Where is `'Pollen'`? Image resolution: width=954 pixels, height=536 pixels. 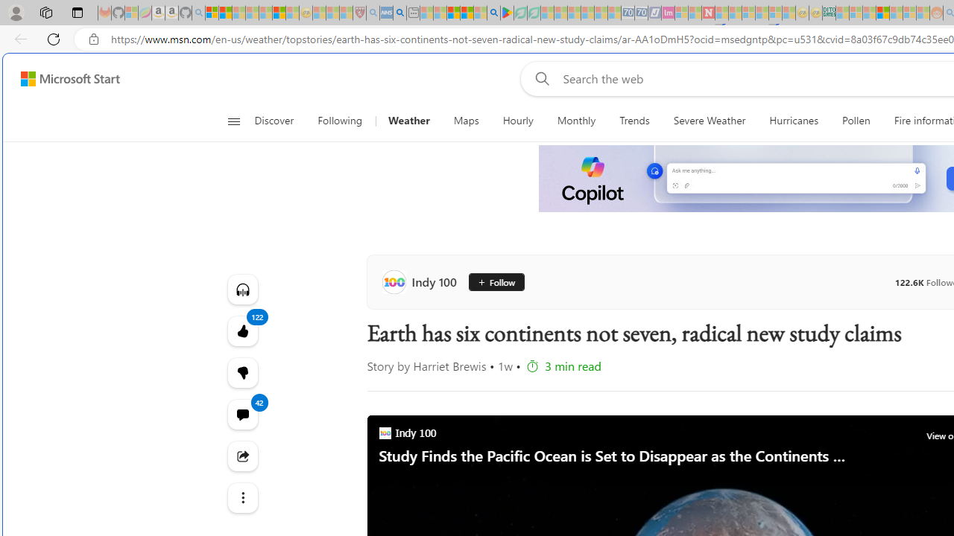
'Pollen' is located at coordinates (856, 121).